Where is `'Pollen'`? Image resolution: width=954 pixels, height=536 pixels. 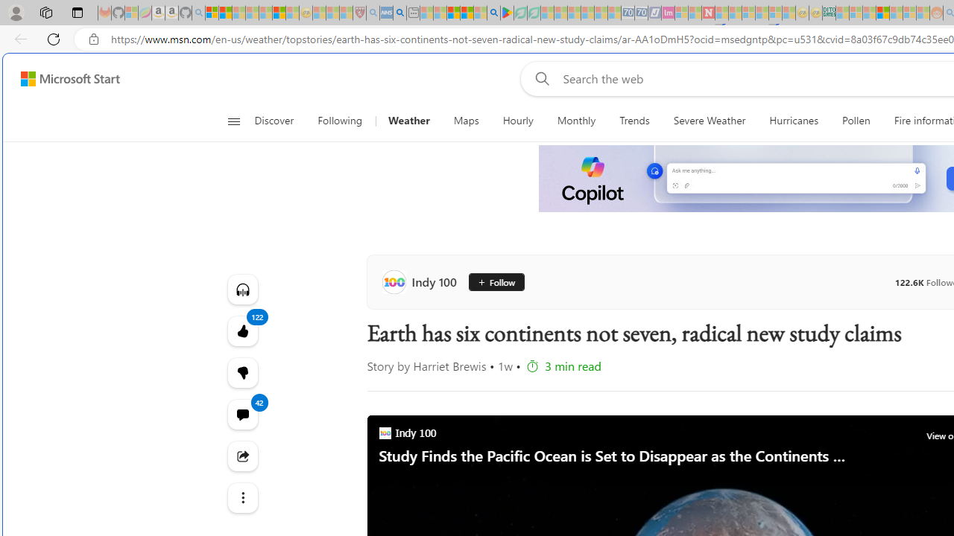
'Pollen' is located at coordinates (856, 121).